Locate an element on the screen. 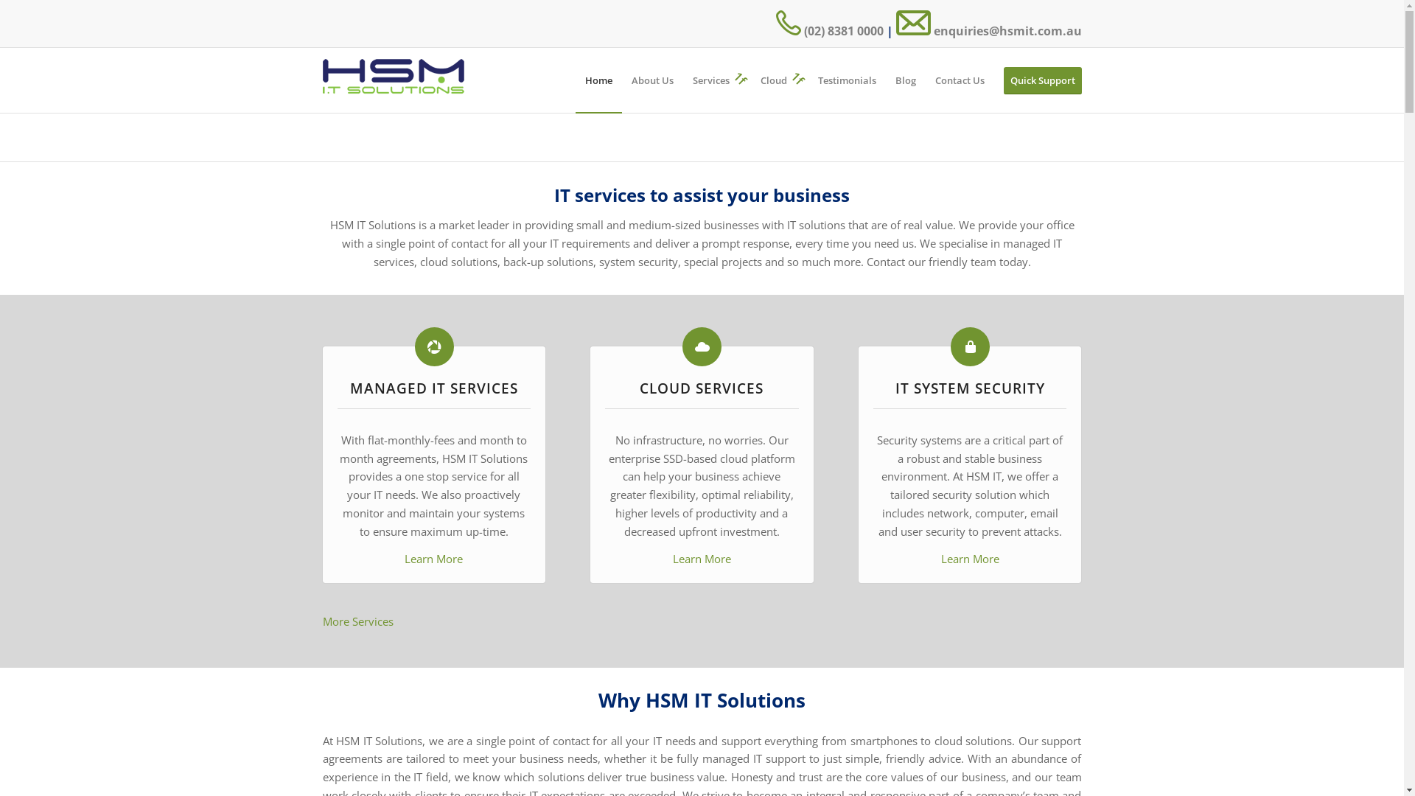 The width and height of the screenshot is (1415, 796). 'MANAGED IT SERVICES' is located at coordinates (433, 387).